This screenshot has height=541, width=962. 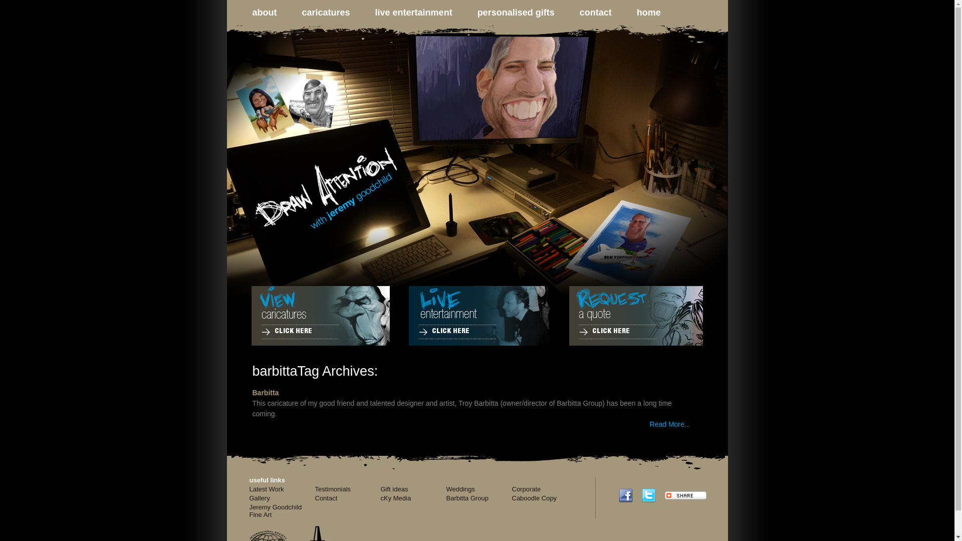 What do you see at coordinates (534, 498) in the screenshot?
I see `'Caboodle Copy'` at bounding box center [534, 498].